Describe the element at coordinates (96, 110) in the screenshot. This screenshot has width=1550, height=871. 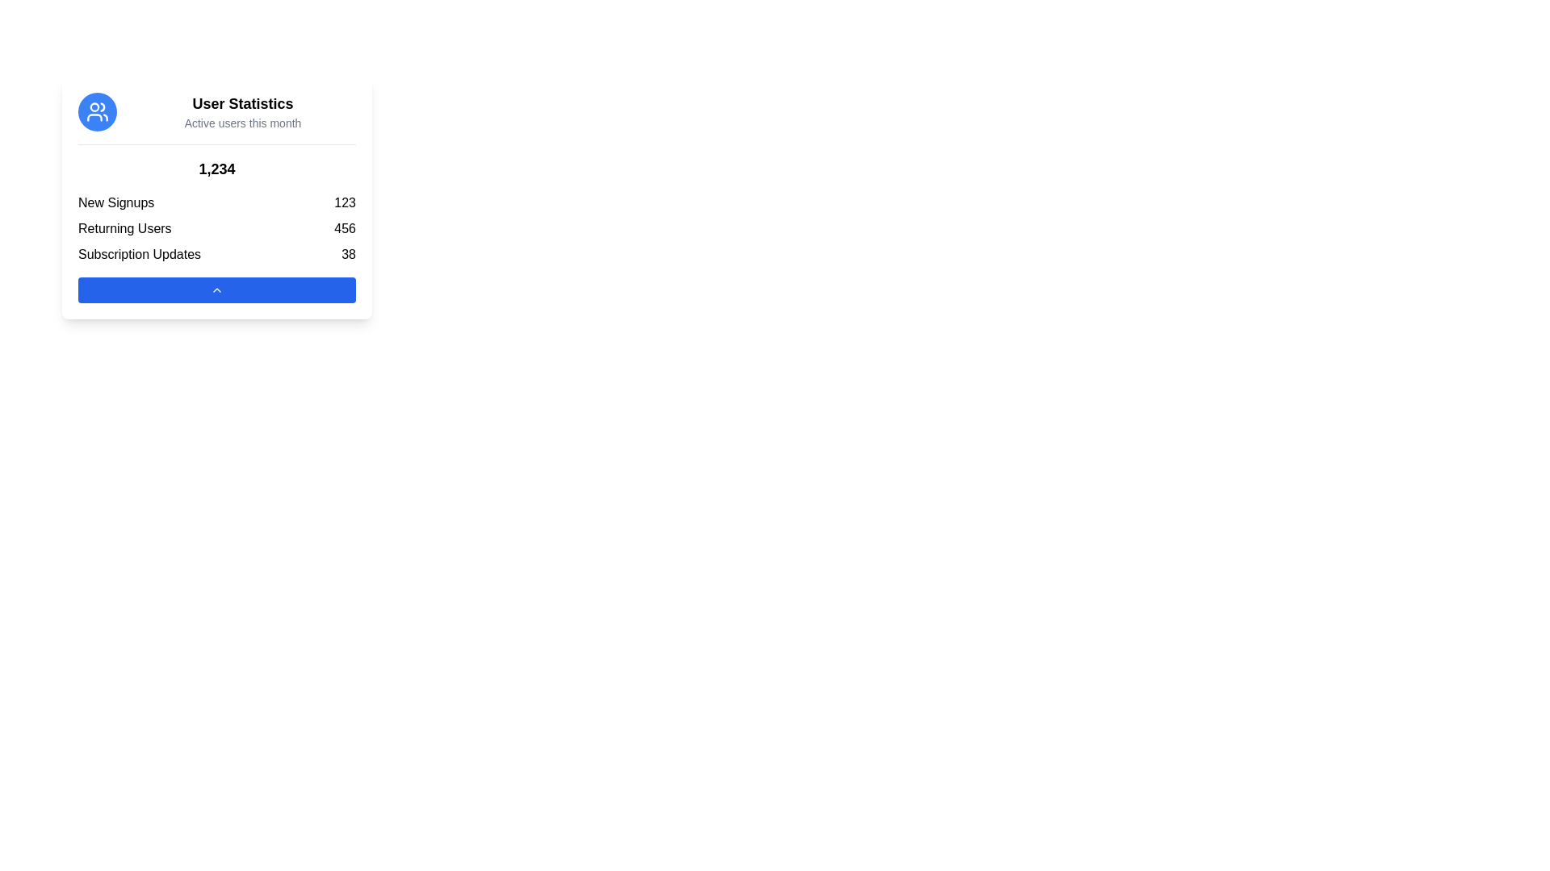
I see `the user icon featuring three stylized users on a circular blue background, located at the top-left of the 'User Statistics' card` at that location.